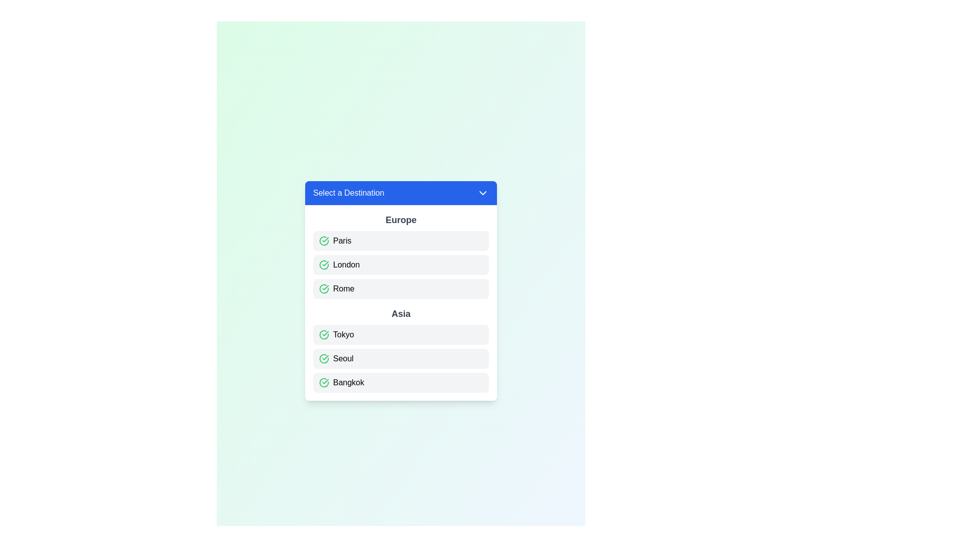 Image resolution: width=959 pixels, height=539 pixels. I want to click on the second item in the destination list representing 'Seoul', so click(401, 358).